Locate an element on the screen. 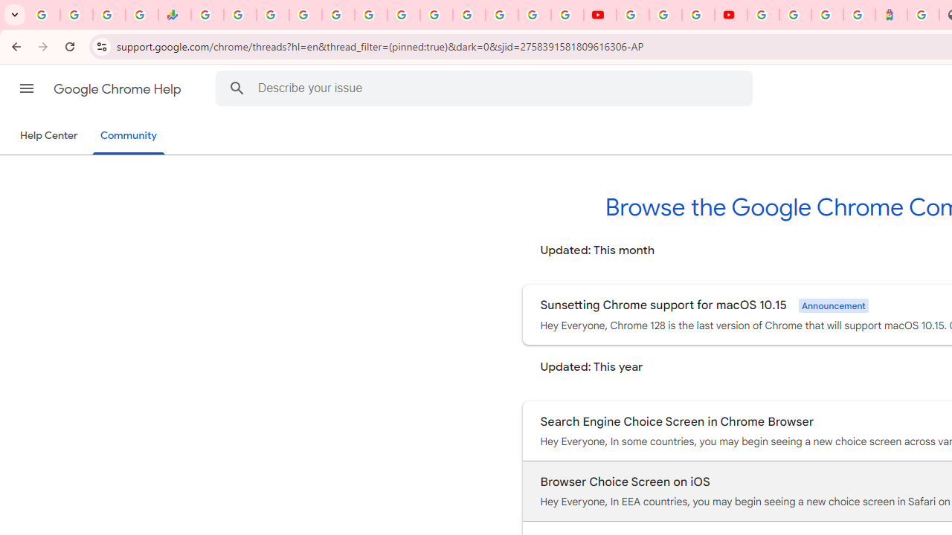 The width and height of the screenshot is (952, 535). 'Describe your issue' is located at coordinates (486, 88).